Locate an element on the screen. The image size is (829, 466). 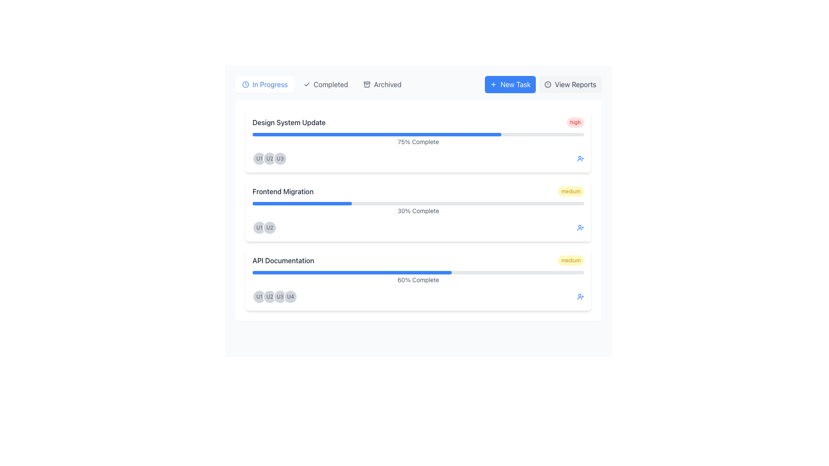
the 'In Progress' status icon located to the left of the 'In Progress' text in the top-left section of the interface is located at coordinates (245, 85).